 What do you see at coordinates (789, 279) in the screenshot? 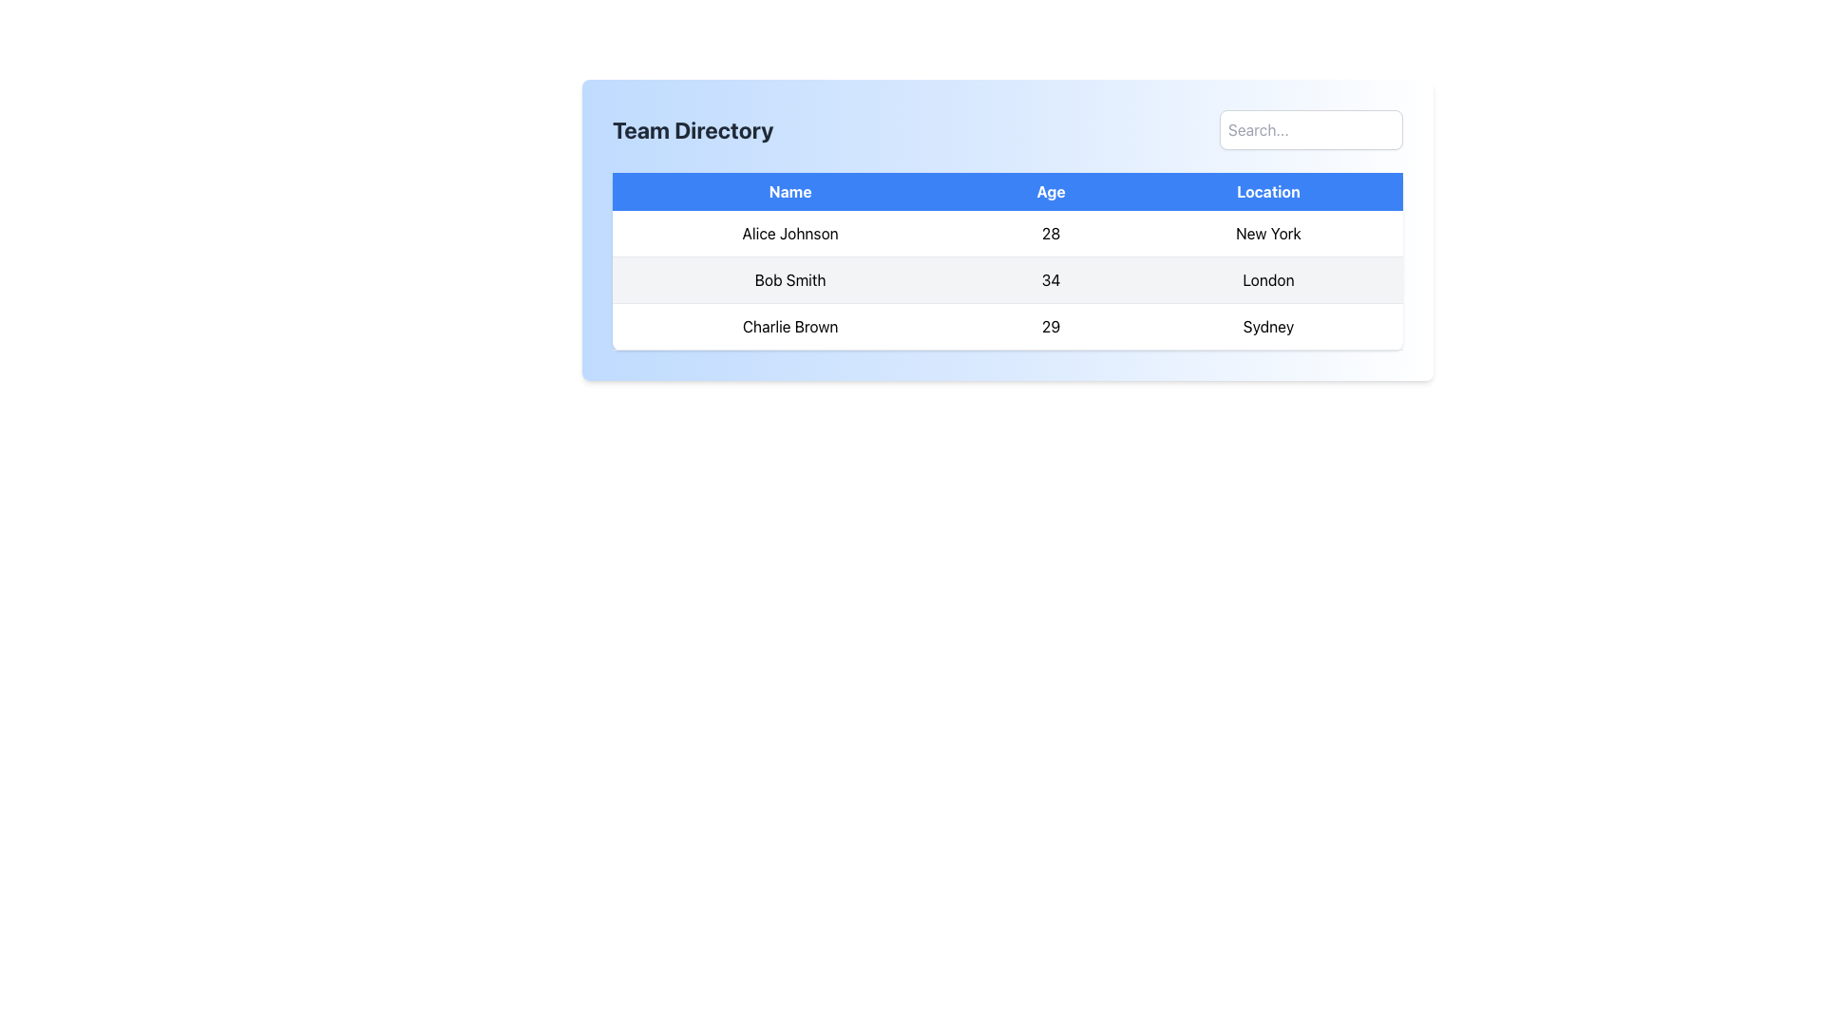
I see `the text display element reading 'Bob Smith' in the Team Directory table` at bounding box center [789, 279].